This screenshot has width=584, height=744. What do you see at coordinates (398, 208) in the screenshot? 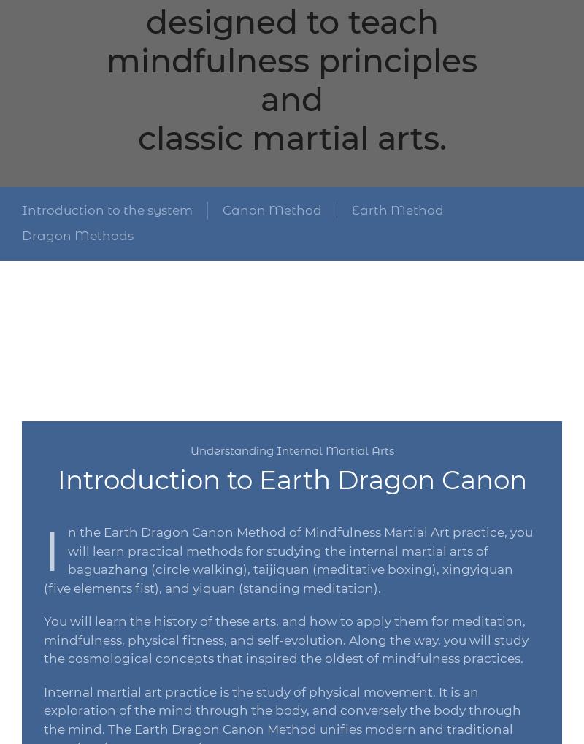
I see `'Earth Method'` at bounding box center [398, 208].